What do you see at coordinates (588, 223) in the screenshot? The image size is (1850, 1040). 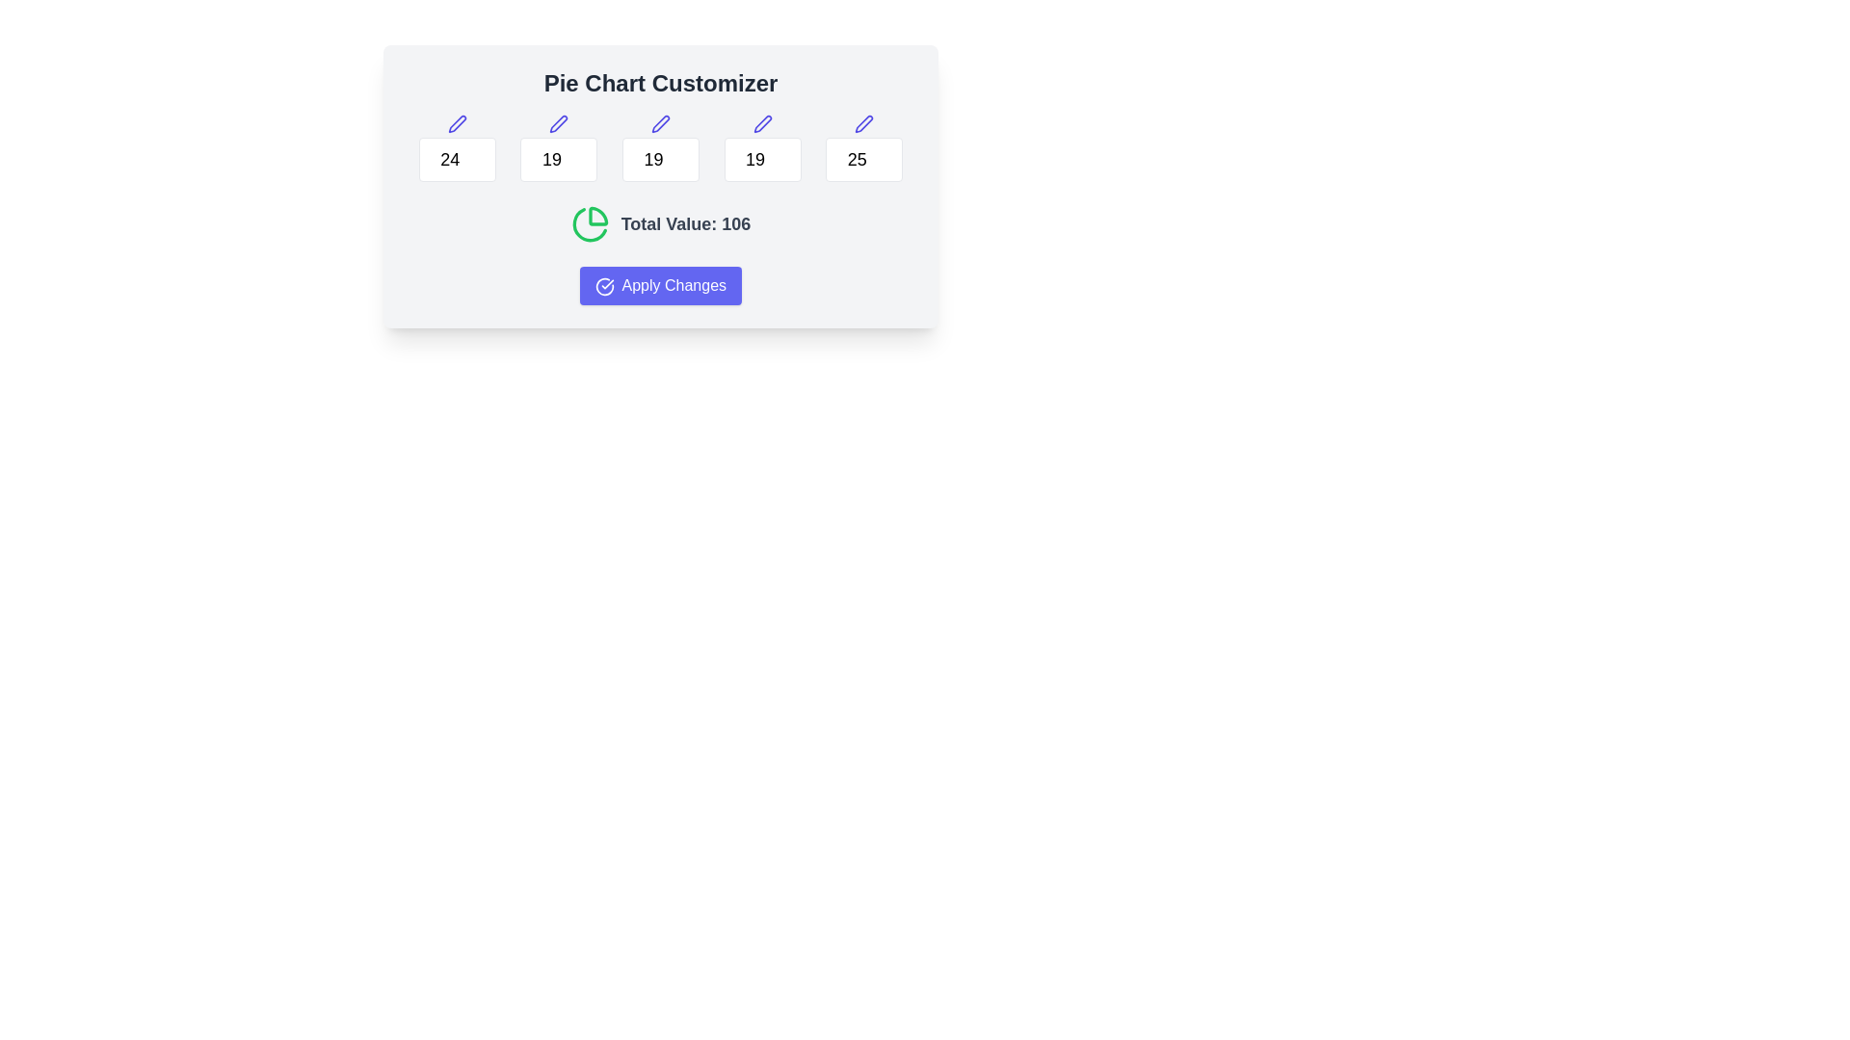 I see `the pie chart segment located in the bottom-right portion of the graphical pie chart icon, which is near the label 'Total Value: 106' and above the button labeled 'Apply Changes'` at bounding box center [588, 223].